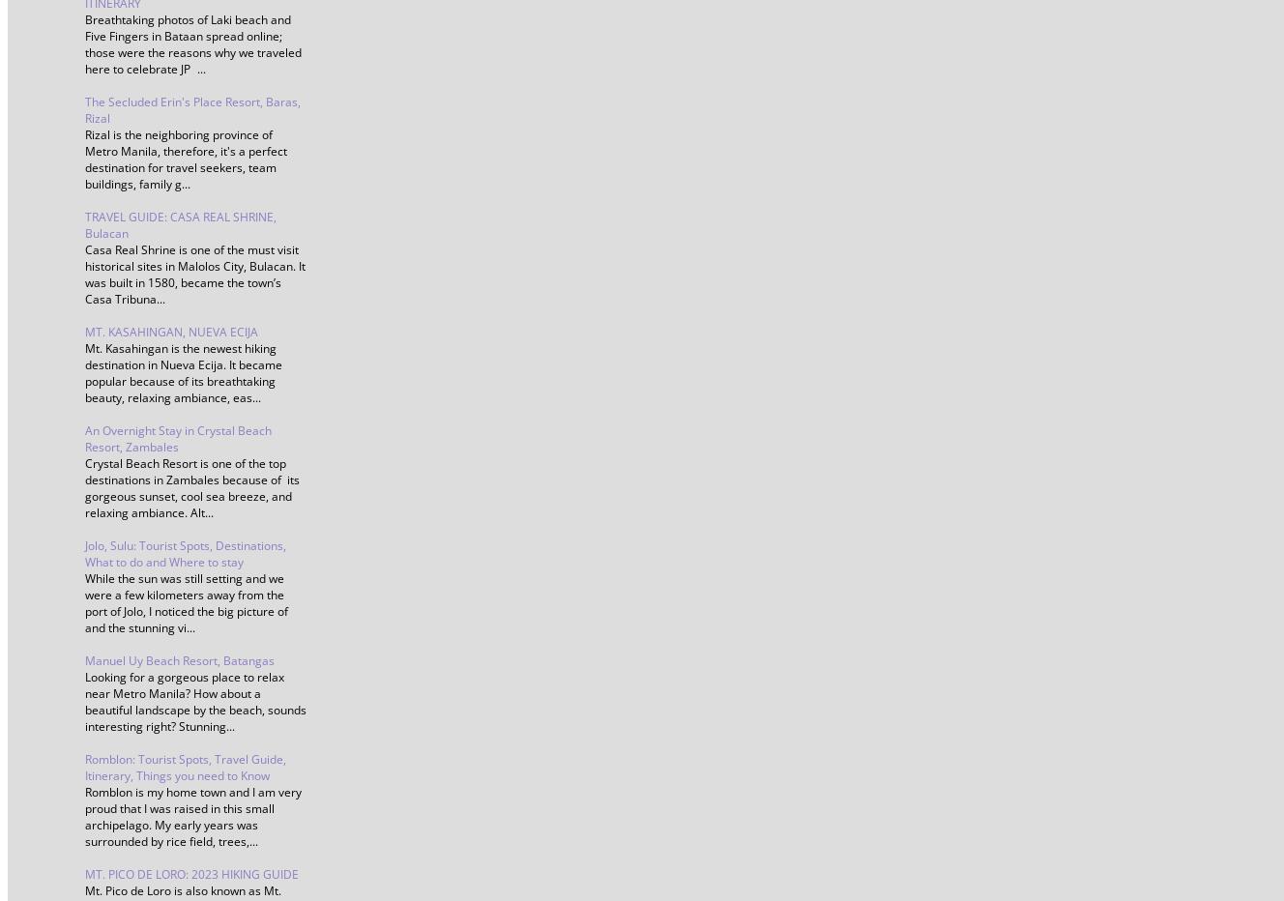 The height and width of the screenshot is (901, 1284). Describe the element at coordinates (85, 660) in the screenshot. I see `'Manuel Uy Beach Resort, Batangas'` at that location.